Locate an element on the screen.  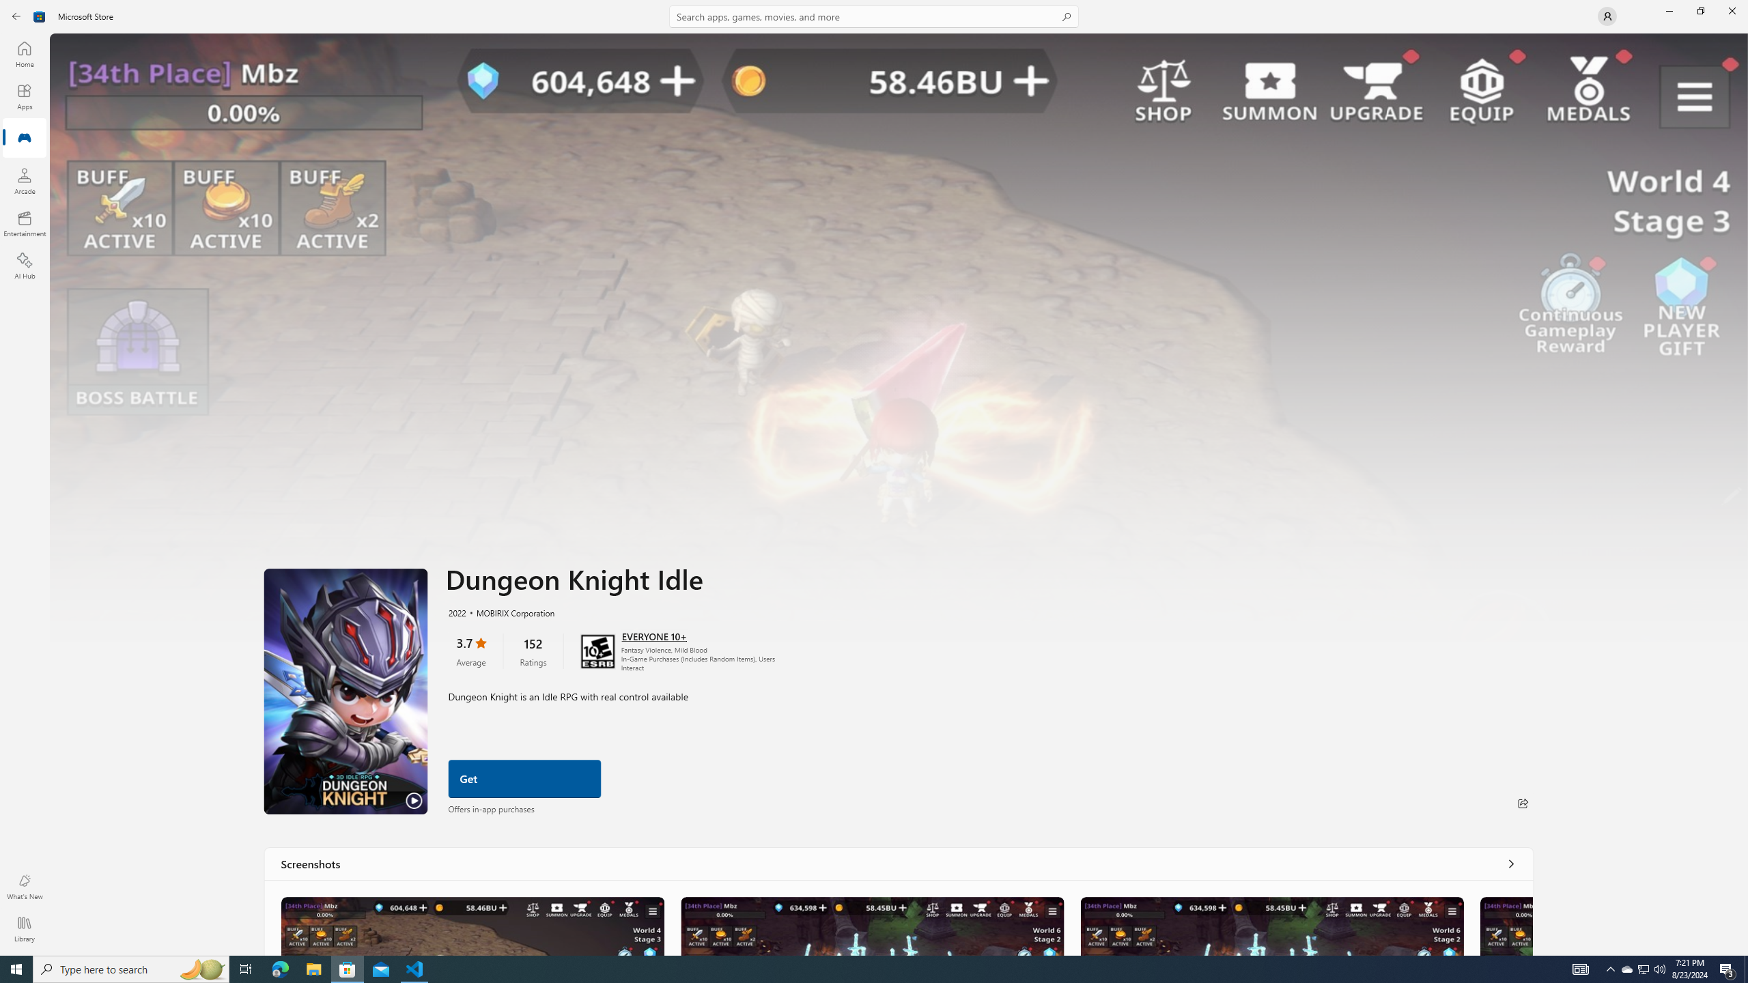
'Screenshot 2' is located at coordinates (871, 925).